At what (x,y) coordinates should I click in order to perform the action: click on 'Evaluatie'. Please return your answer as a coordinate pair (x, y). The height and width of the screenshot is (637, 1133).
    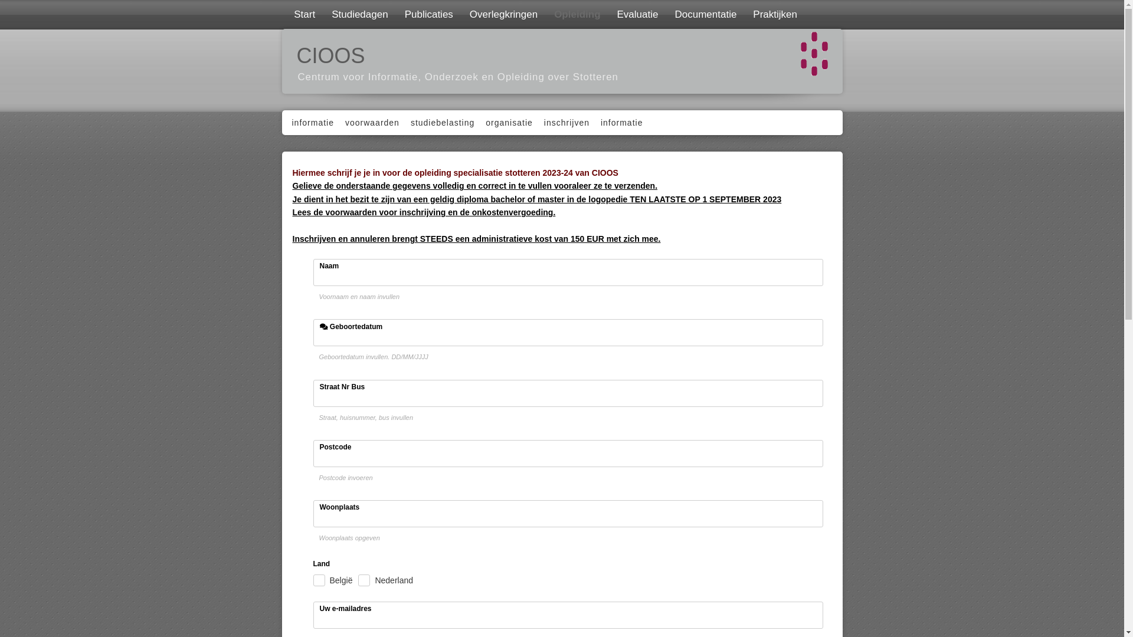
    Looking at the image, I should click on (636, 14).